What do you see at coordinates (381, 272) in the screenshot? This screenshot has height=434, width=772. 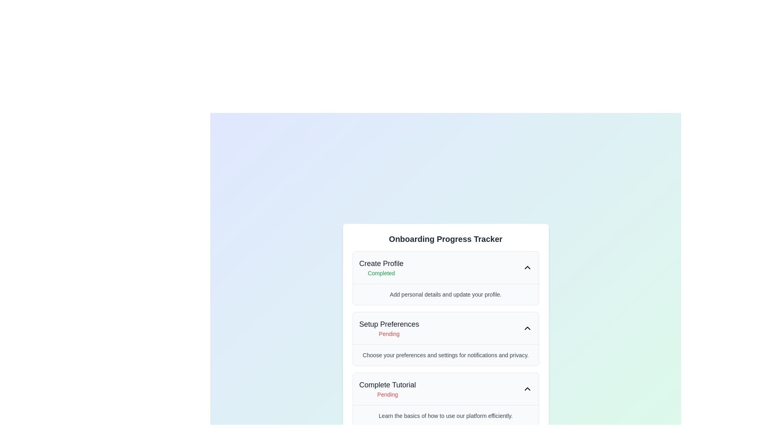 I see `the text label displaying 'Completed', which indicates a status in the onboarding progress tracker card located below the 'Create Profile' title` at bounding box center [381, 272].